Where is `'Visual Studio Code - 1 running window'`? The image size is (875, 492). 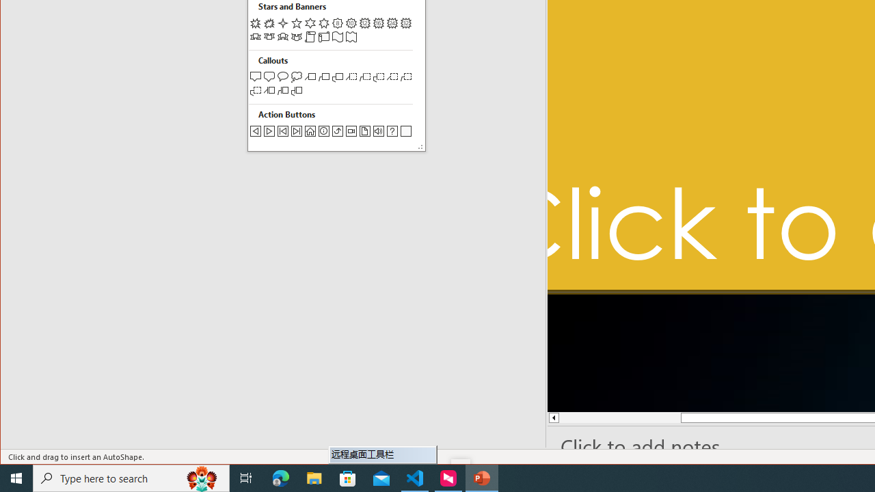 'Visual Studio Code - 1 running window' is located at coordinates (414, 477).